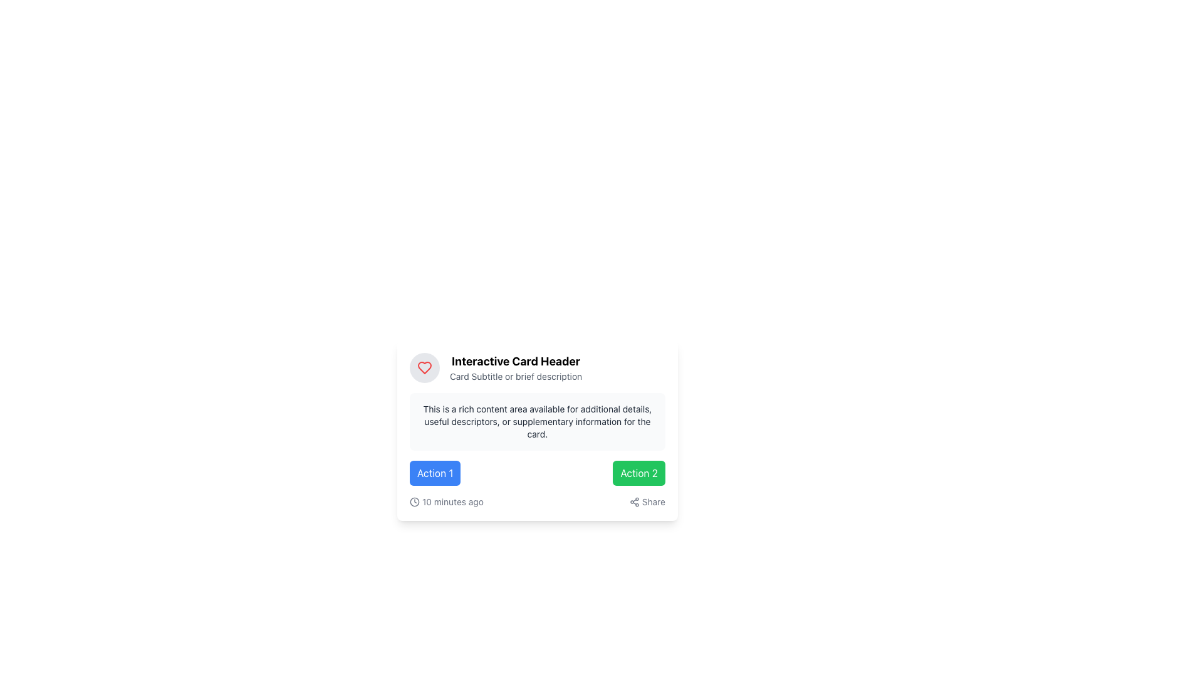  Describe the element at coordinates (538, 473) in the screenshot. I see `the button group containing 'Action 1' and 'Action 2'` at that location.